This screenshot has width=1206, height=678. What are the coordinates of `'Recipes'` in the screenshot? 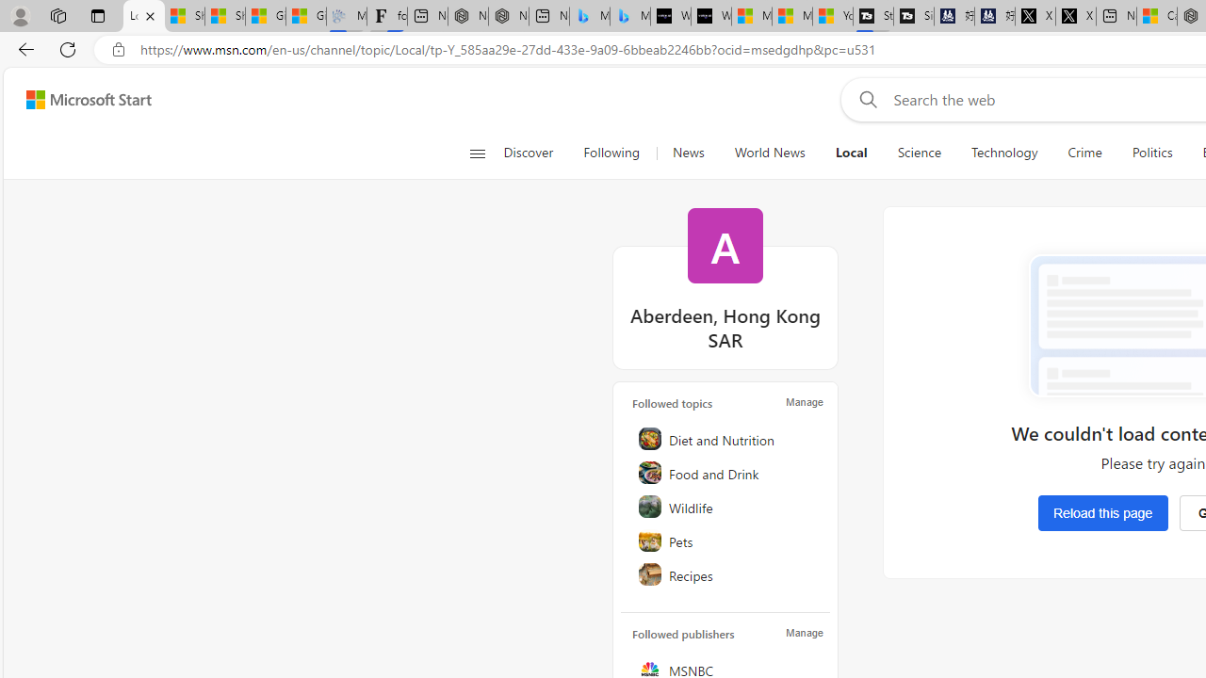 It's located at (725, 573).